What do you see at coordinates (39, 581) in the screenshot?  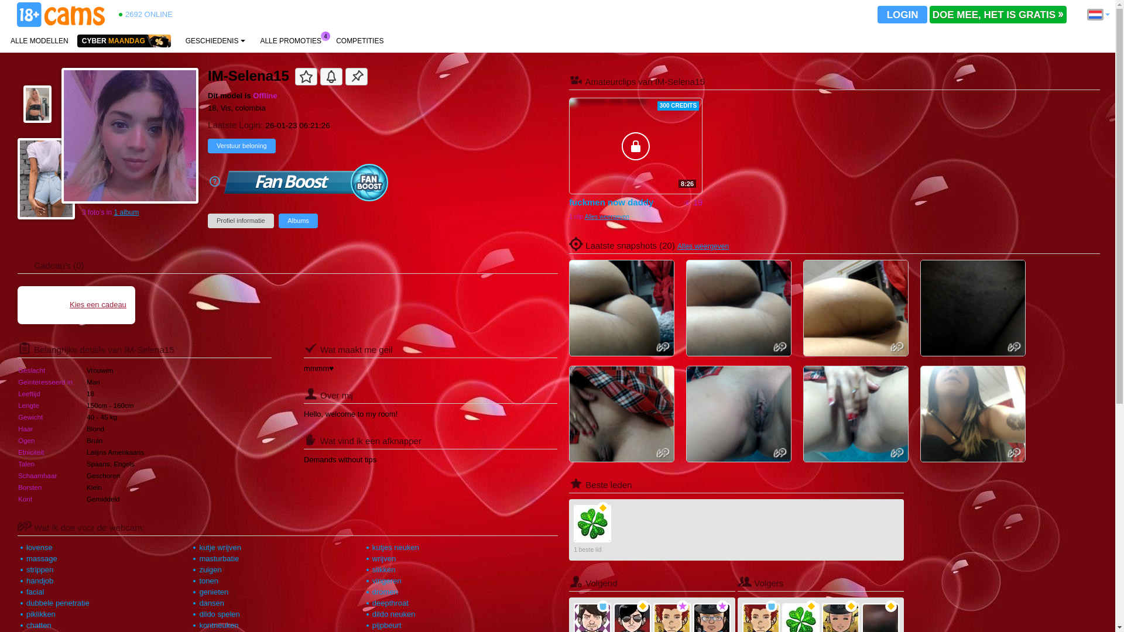 I see `'handjob'` at bounding box center [39, 581].